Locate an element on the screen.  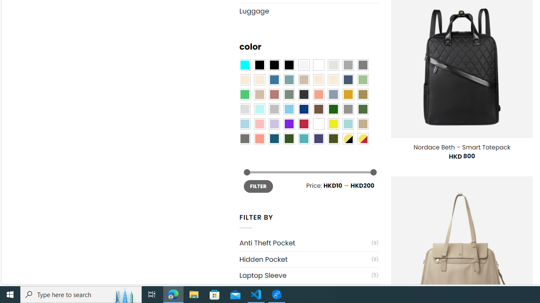
'Purple' is located at coordinates (289, 124).